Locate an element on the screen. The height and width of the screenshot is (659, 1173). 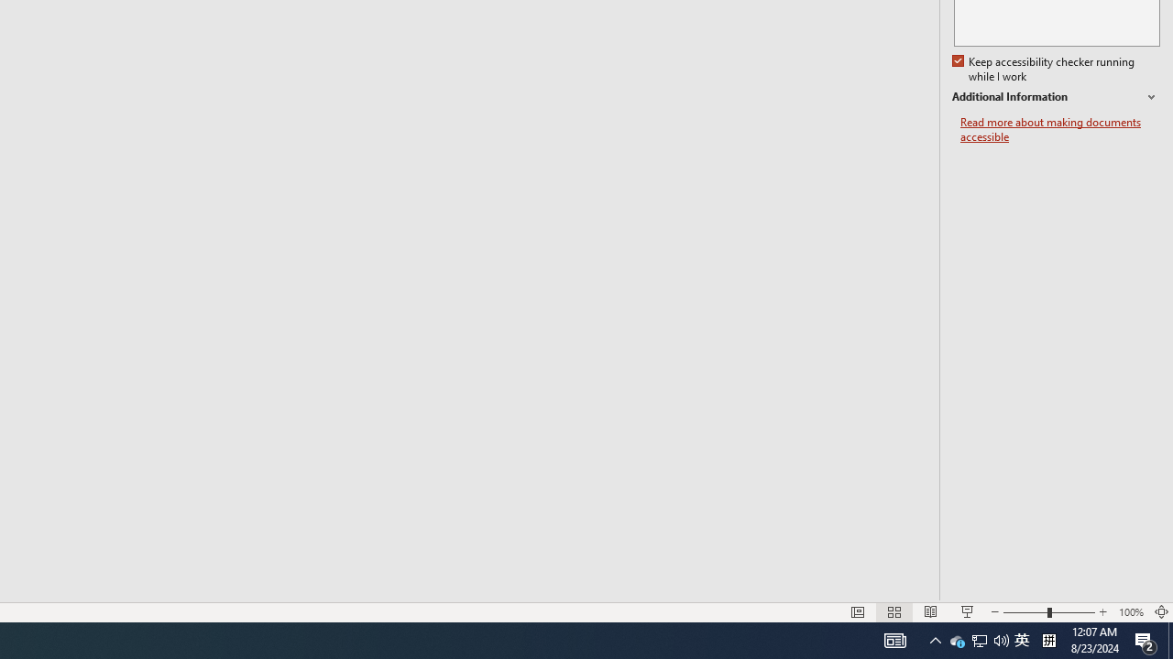
'Read more about making documents accessible' is located at coordinates (1060, 129).